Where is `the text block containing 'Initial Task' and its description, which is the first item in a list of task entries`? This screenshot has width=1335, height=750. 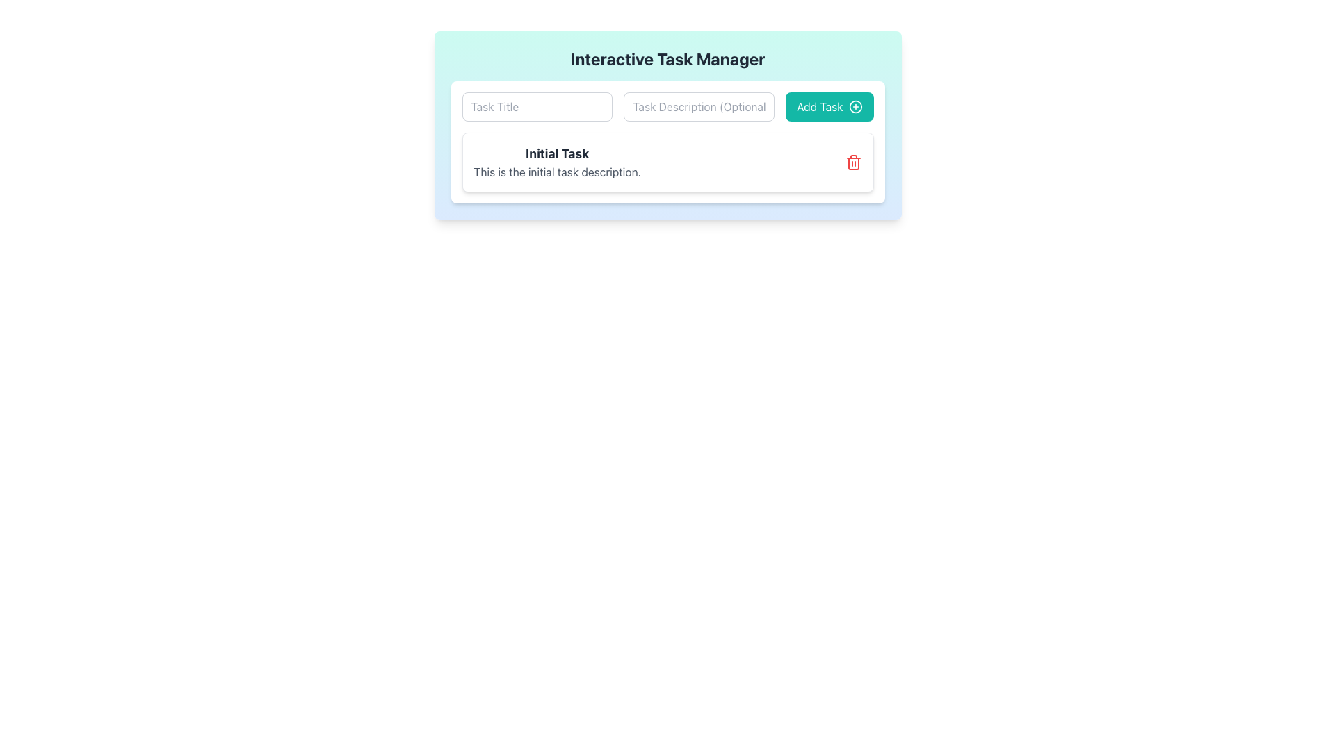
the text block containing 'Initial Task' and its description, which is the first item in a list of task entries is located at coordinates (557, 162).